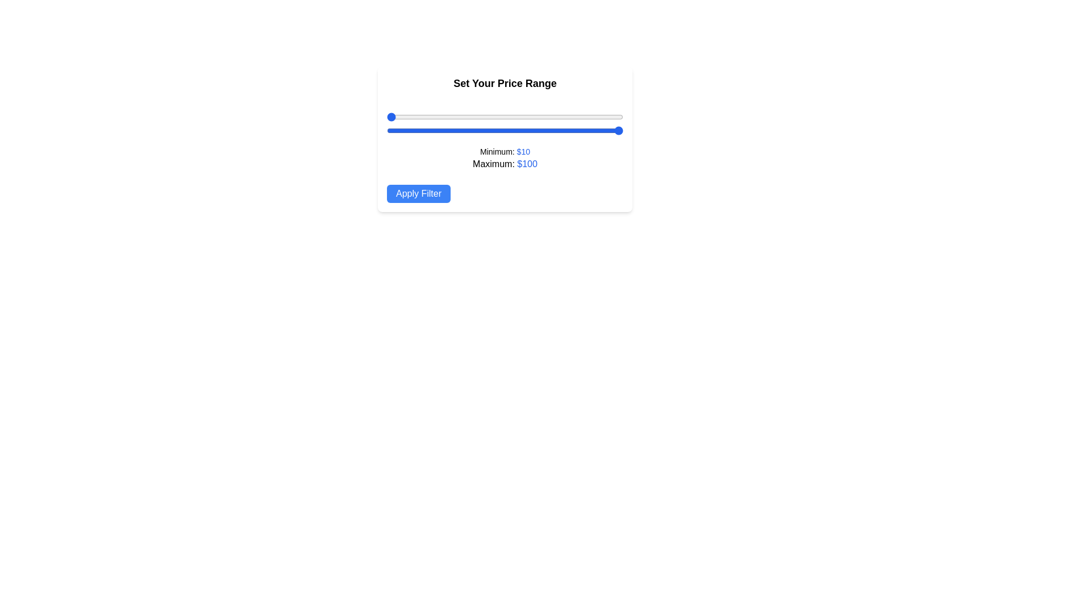 Image resolution: width=1091 pixels, height=614 pixels. I want to click on the slider position, so click(557, 117).